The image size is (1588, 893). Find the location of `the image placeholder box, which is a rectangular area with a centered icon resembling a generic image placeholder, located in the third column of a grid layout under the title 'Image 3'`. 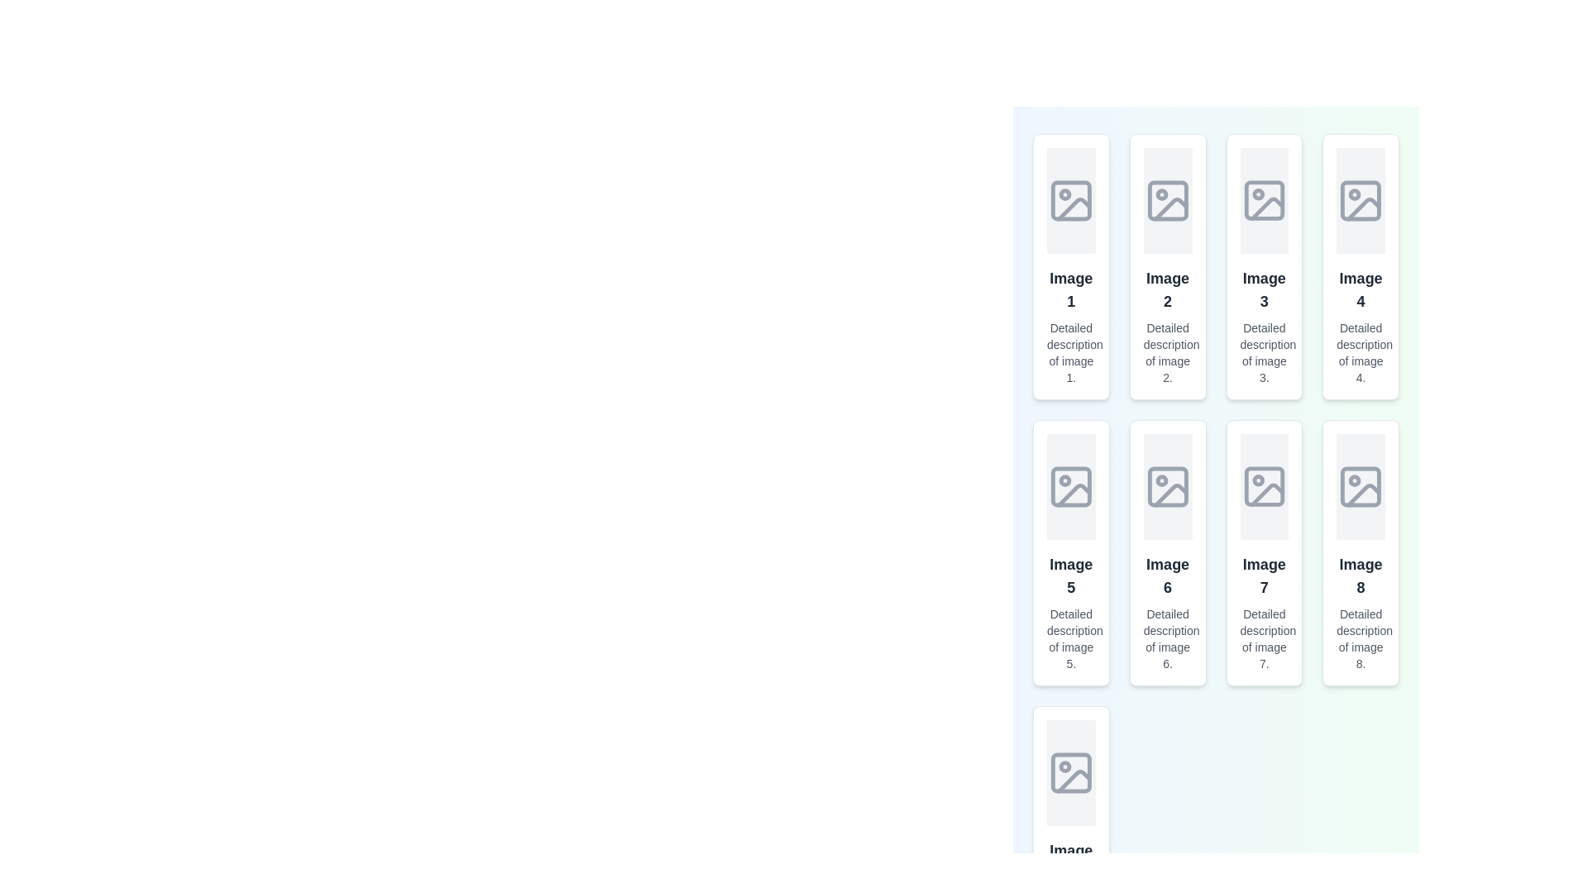

the image placeholder box, which is a rectangular area with a centered icon resembling a generic image placeholder, located in the third column of a grid layout under the title 'Image 3' is located at coordinates (1263, 200).